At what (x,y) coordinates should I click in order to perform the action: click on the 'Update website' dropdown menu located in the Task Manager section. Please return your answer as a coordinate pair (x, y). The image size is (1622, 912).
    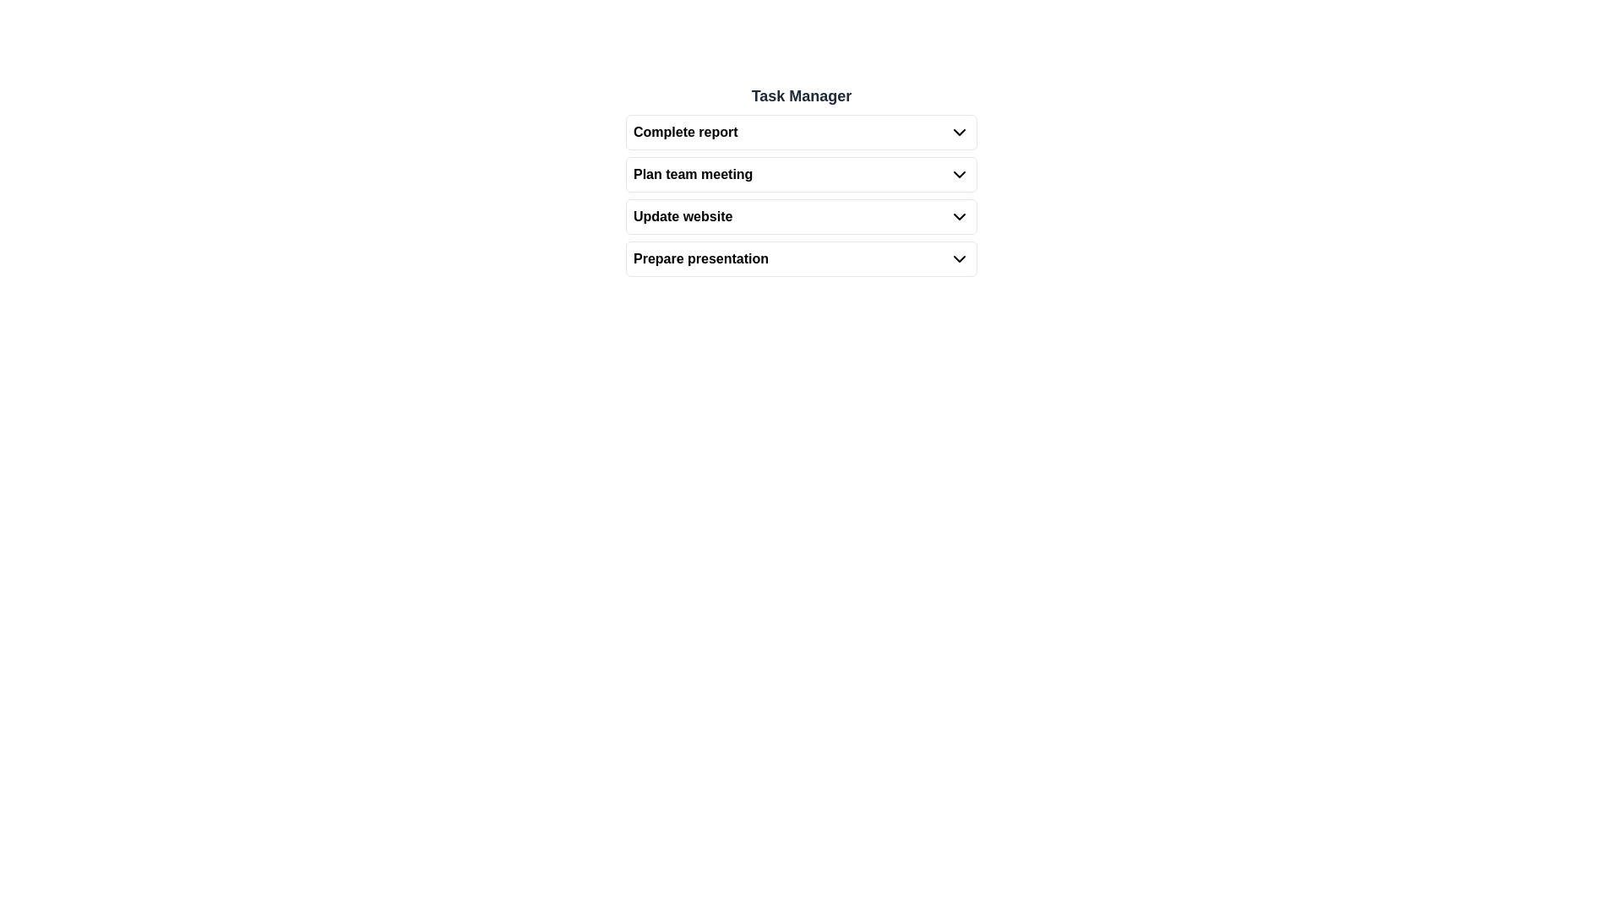
    Looking at the image, I should click on (801, 216).